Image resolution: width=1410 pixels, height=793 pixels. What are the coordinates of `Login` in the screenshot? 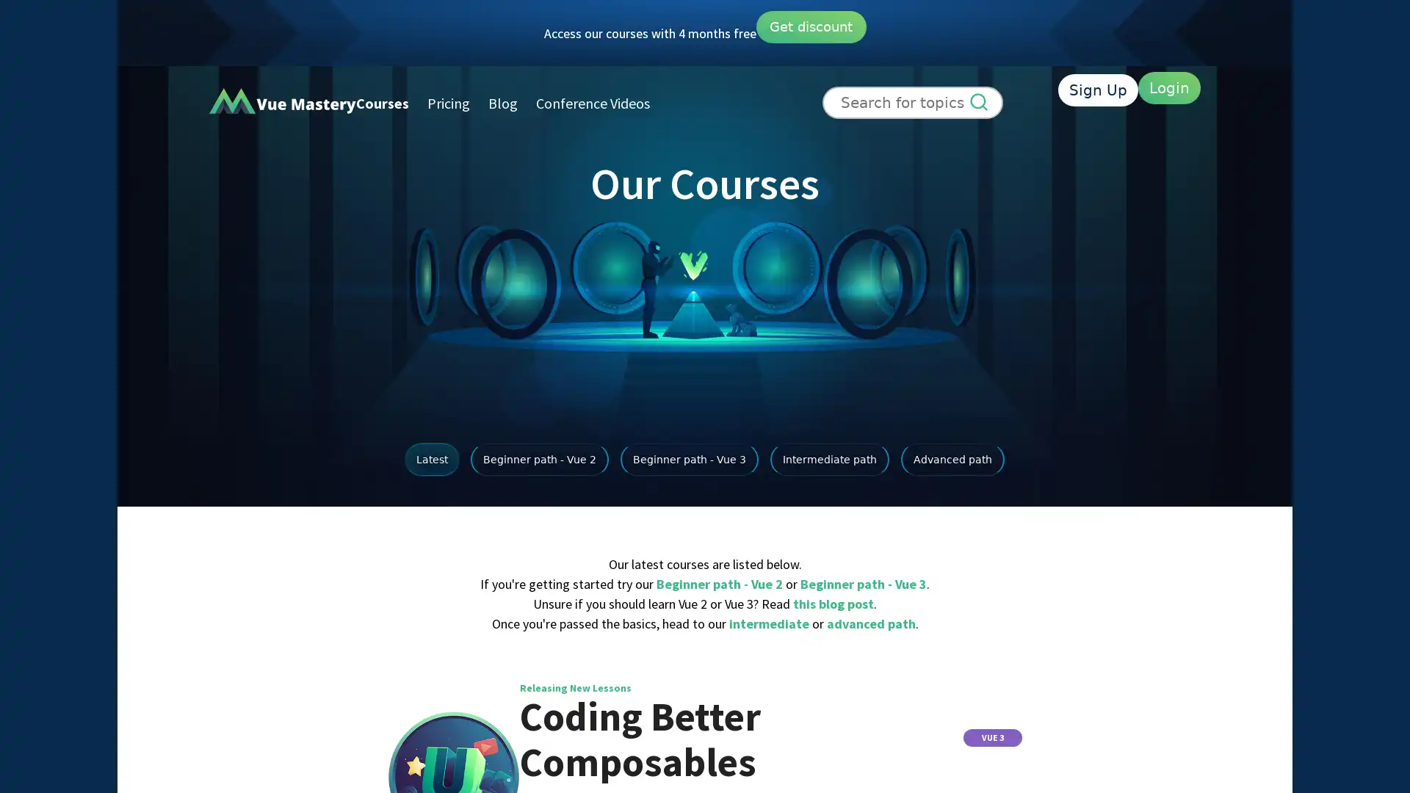 It's located at (1160, 101).